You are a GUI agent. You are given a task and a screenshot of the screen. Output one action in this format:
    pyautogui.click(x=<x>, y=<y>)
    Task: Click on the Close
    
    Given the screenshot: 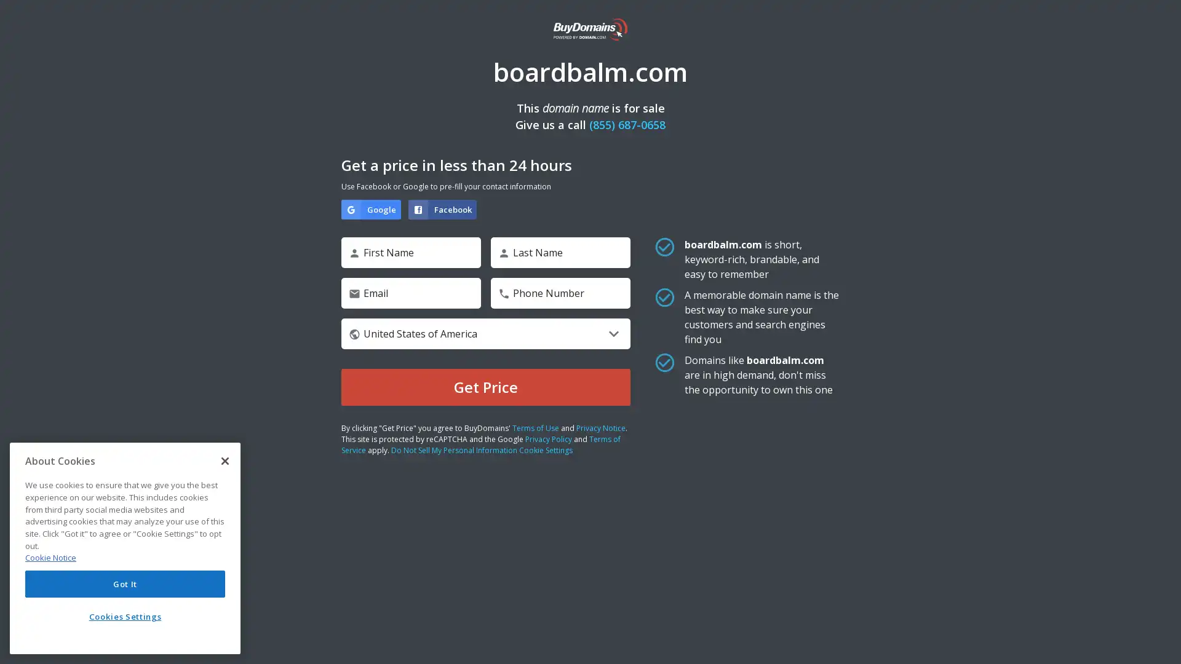 What is the action you would take?
    pyautogui.click(x=225, y=460)
    